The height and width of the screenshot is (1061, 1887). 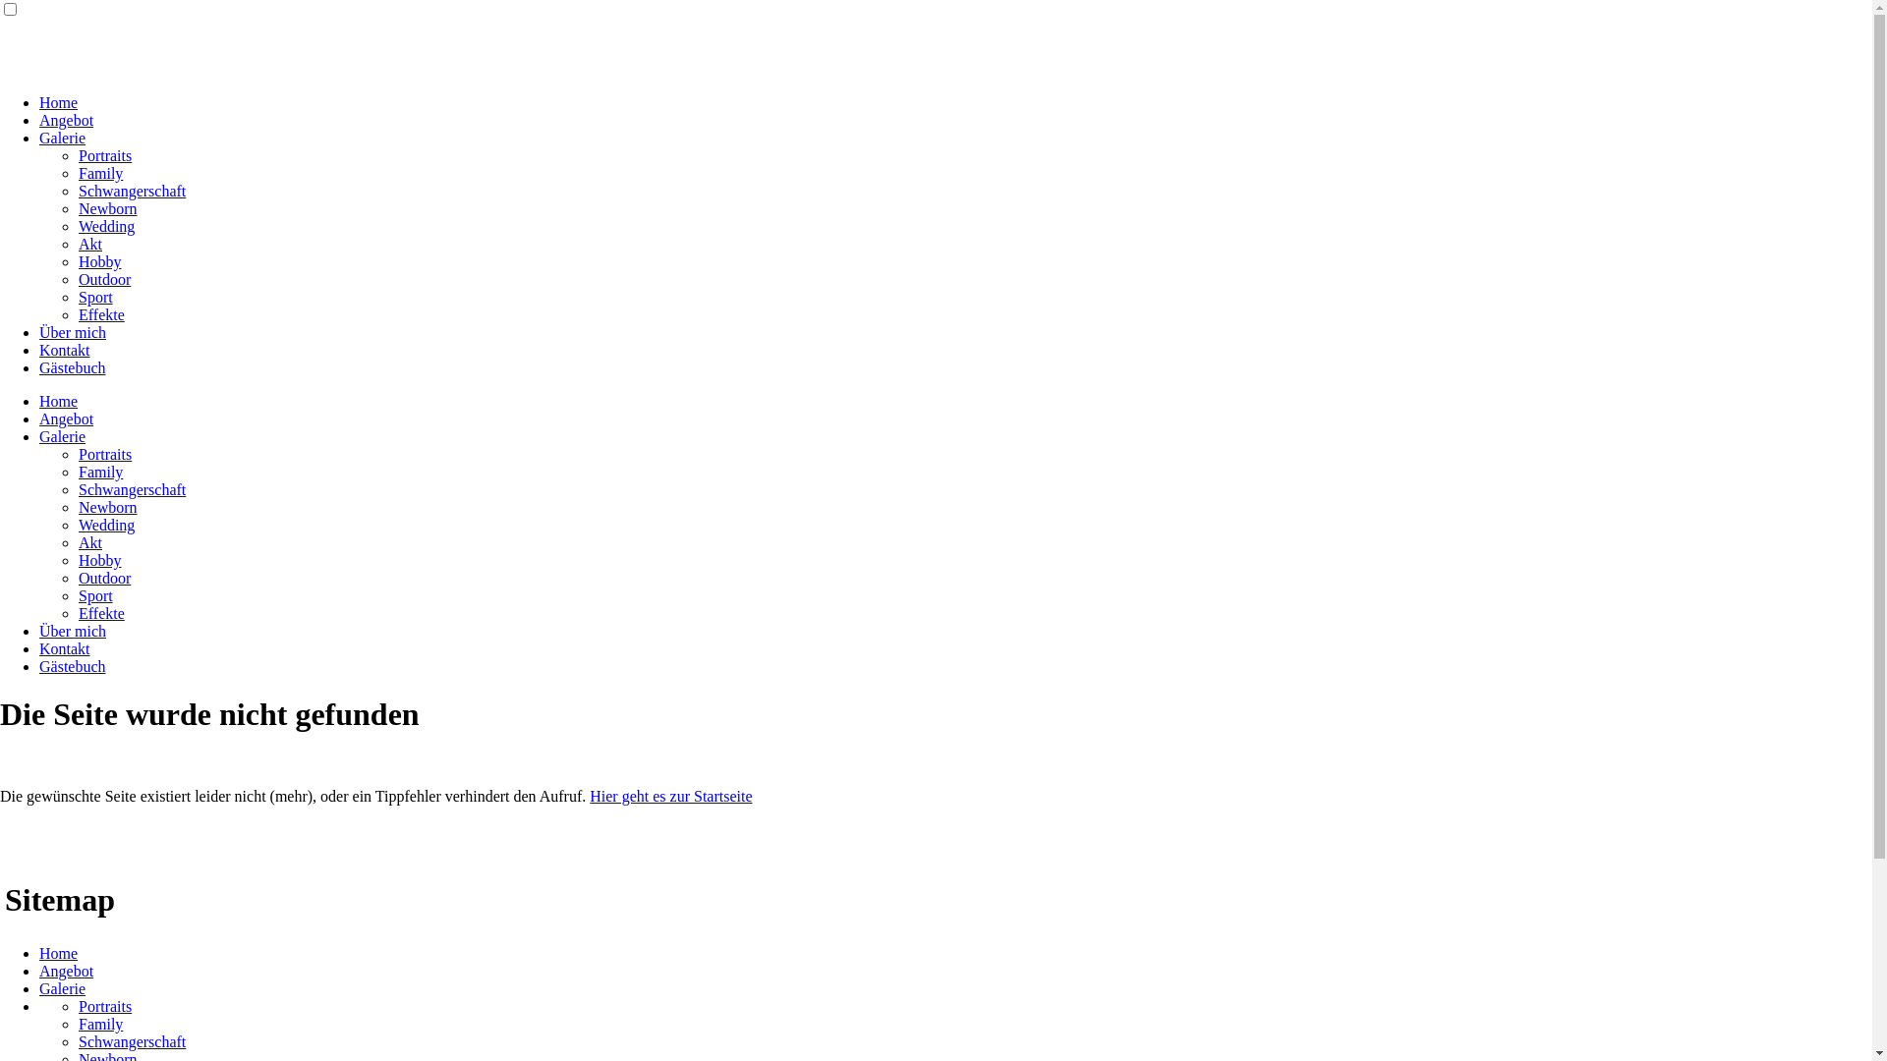 What do you see at coordinates (65, 349) in the screenshot?
I see `'Kontakt'` at bounding box center [65, 349].